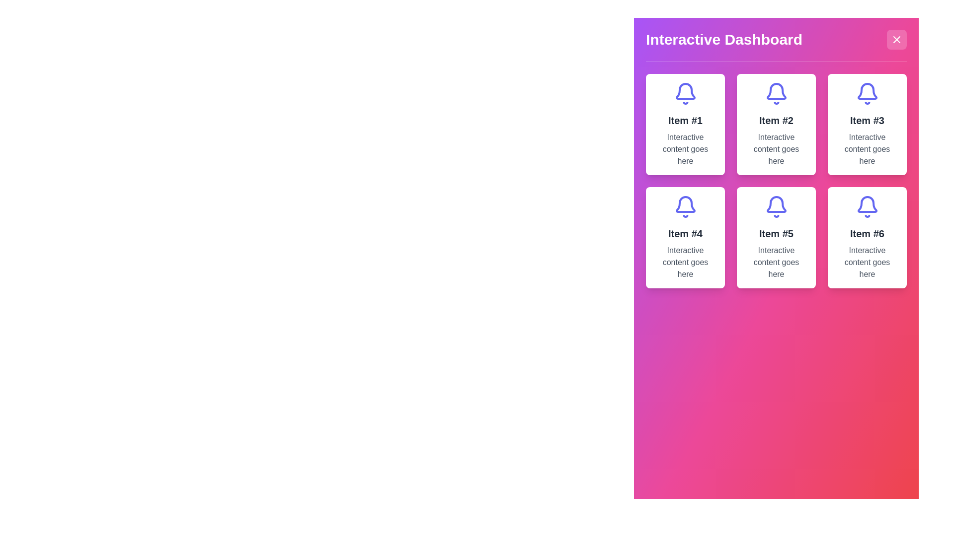 This screenshot has height=536, width=954. I want to click on the text label displaying 'Interactive content goes here' located within the card under 'Item #5' in the bottom-right group of the 3x2 grid layout, so click(776, 262).